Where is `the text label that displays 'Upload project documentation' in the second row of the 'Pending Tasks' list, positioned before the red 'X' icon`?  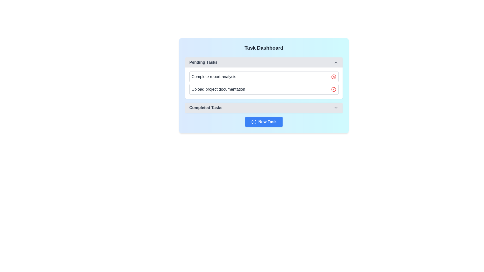 the text label that displays 'Upload project documentation' in the second row of the 'Pending Tasks' list, positioned before the red 'X' icon is located at coordinates (218, 89).